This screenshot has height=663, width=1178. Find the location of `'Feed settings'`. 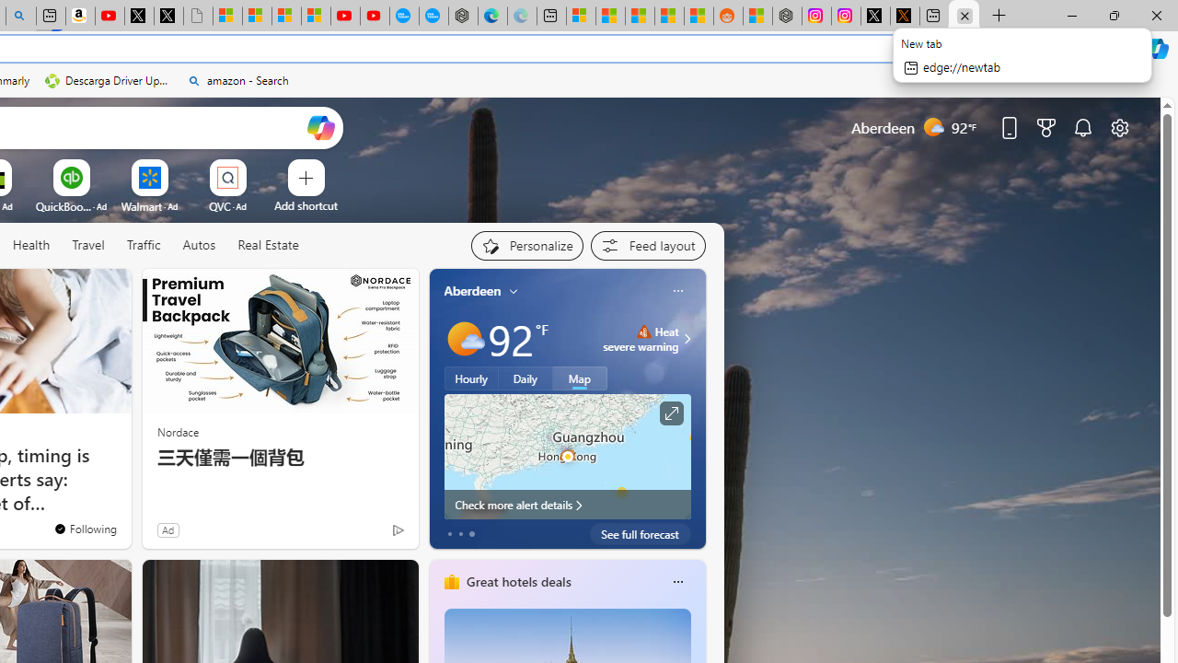

'Feed settings' is located at coordinates (648, 245).